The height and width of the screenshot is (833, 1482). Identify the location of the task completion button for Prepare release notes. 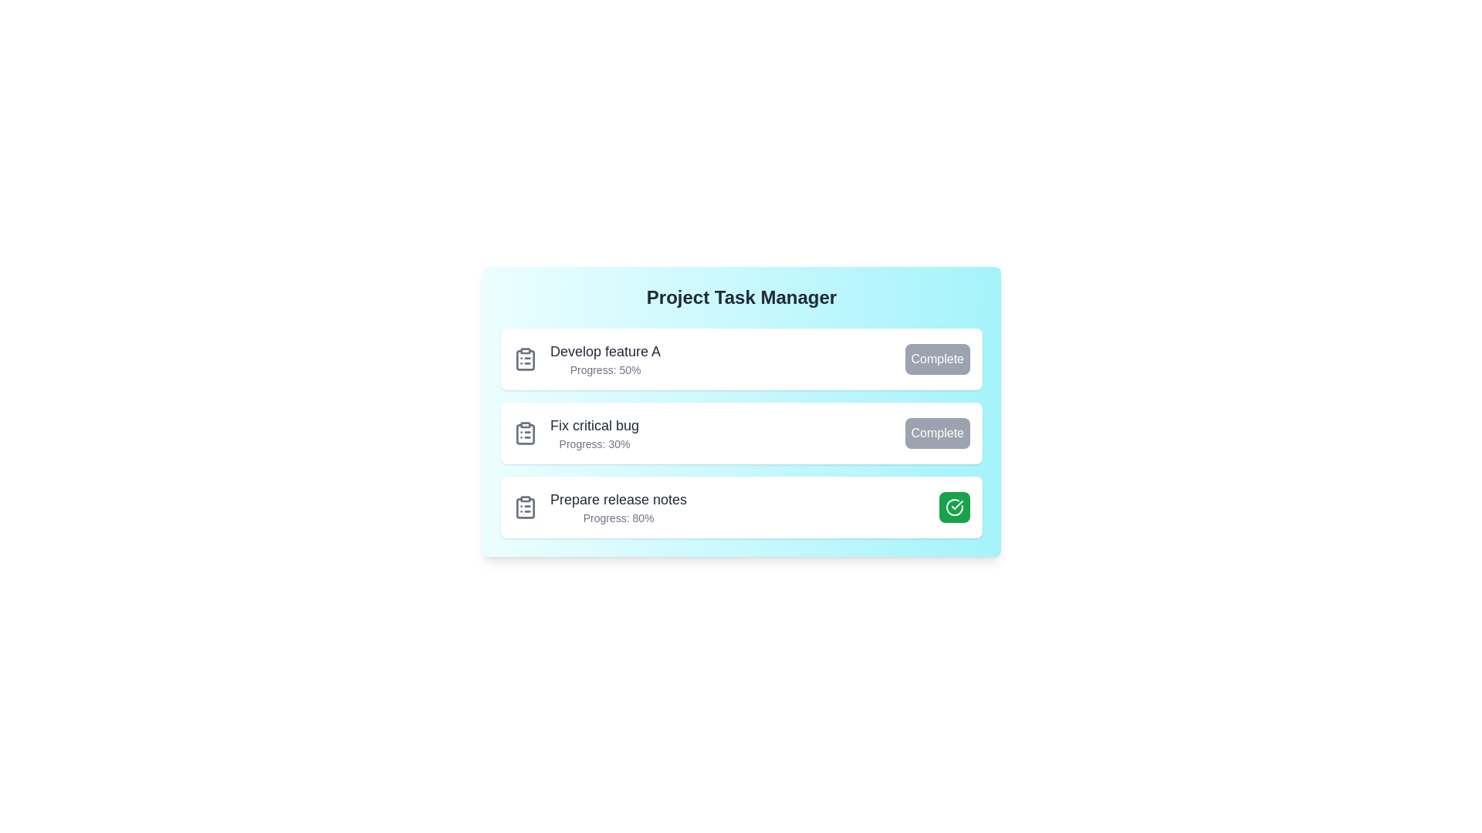
(954, 508).